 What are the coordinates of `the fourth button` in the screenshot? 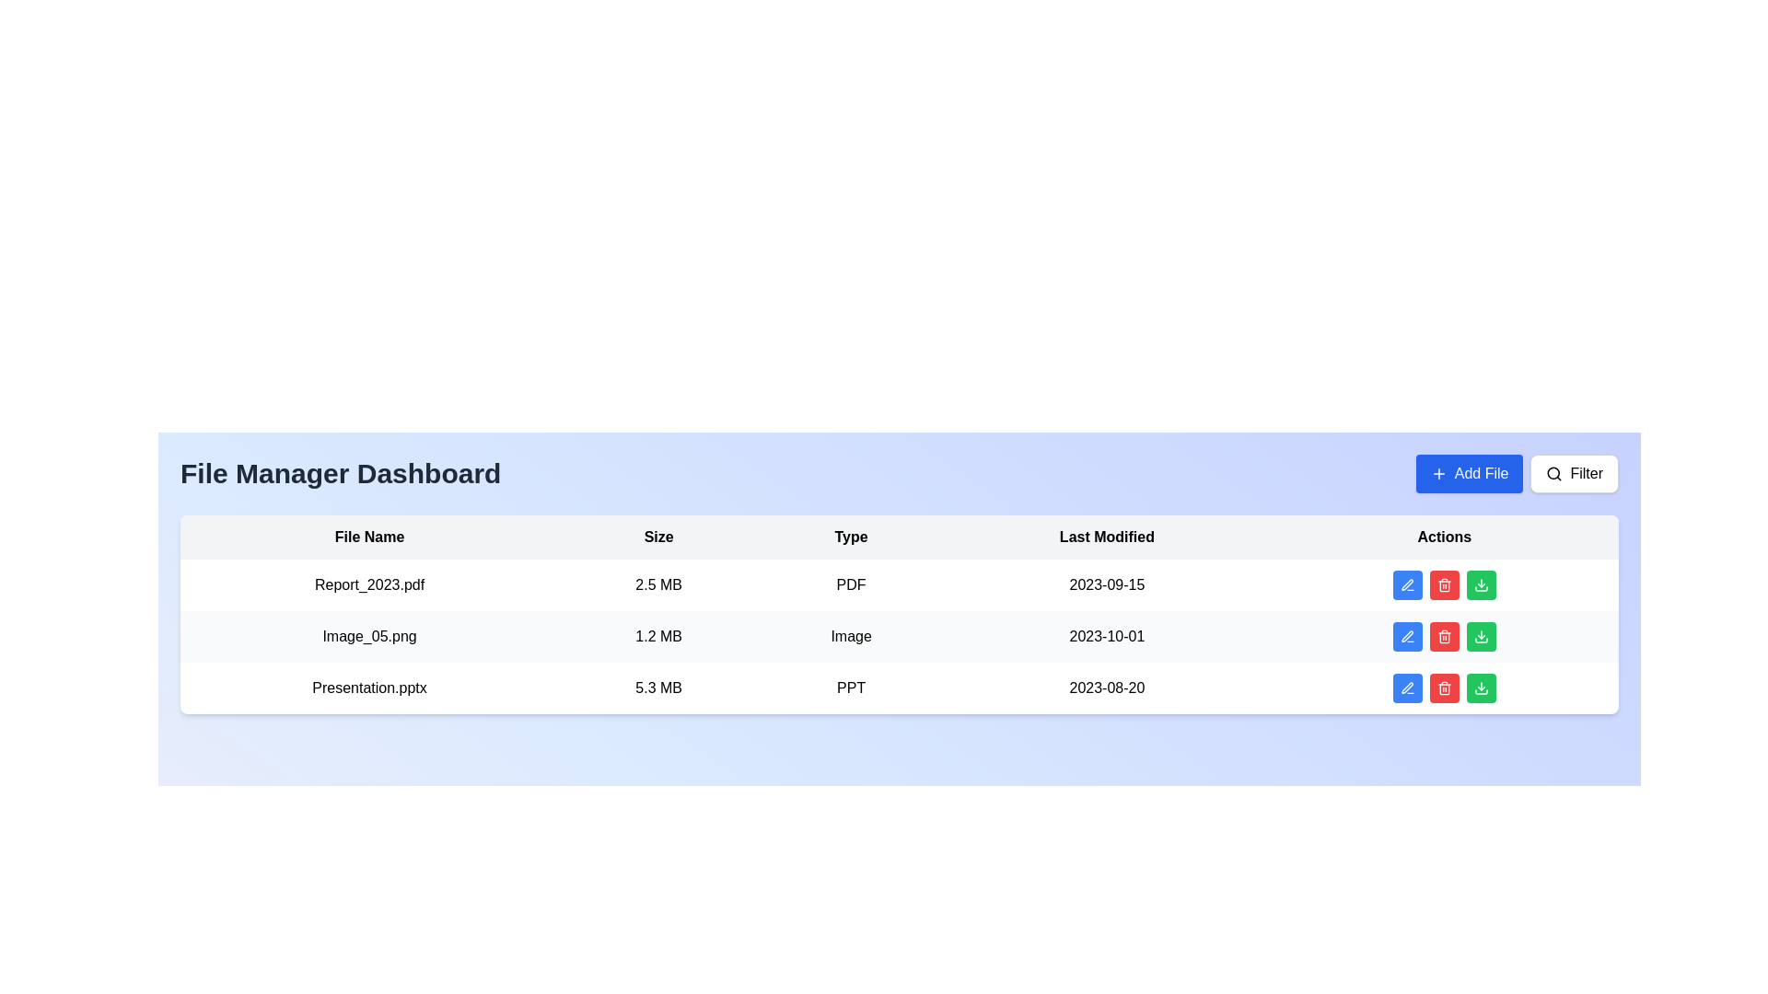 It's located at (1481, 585).